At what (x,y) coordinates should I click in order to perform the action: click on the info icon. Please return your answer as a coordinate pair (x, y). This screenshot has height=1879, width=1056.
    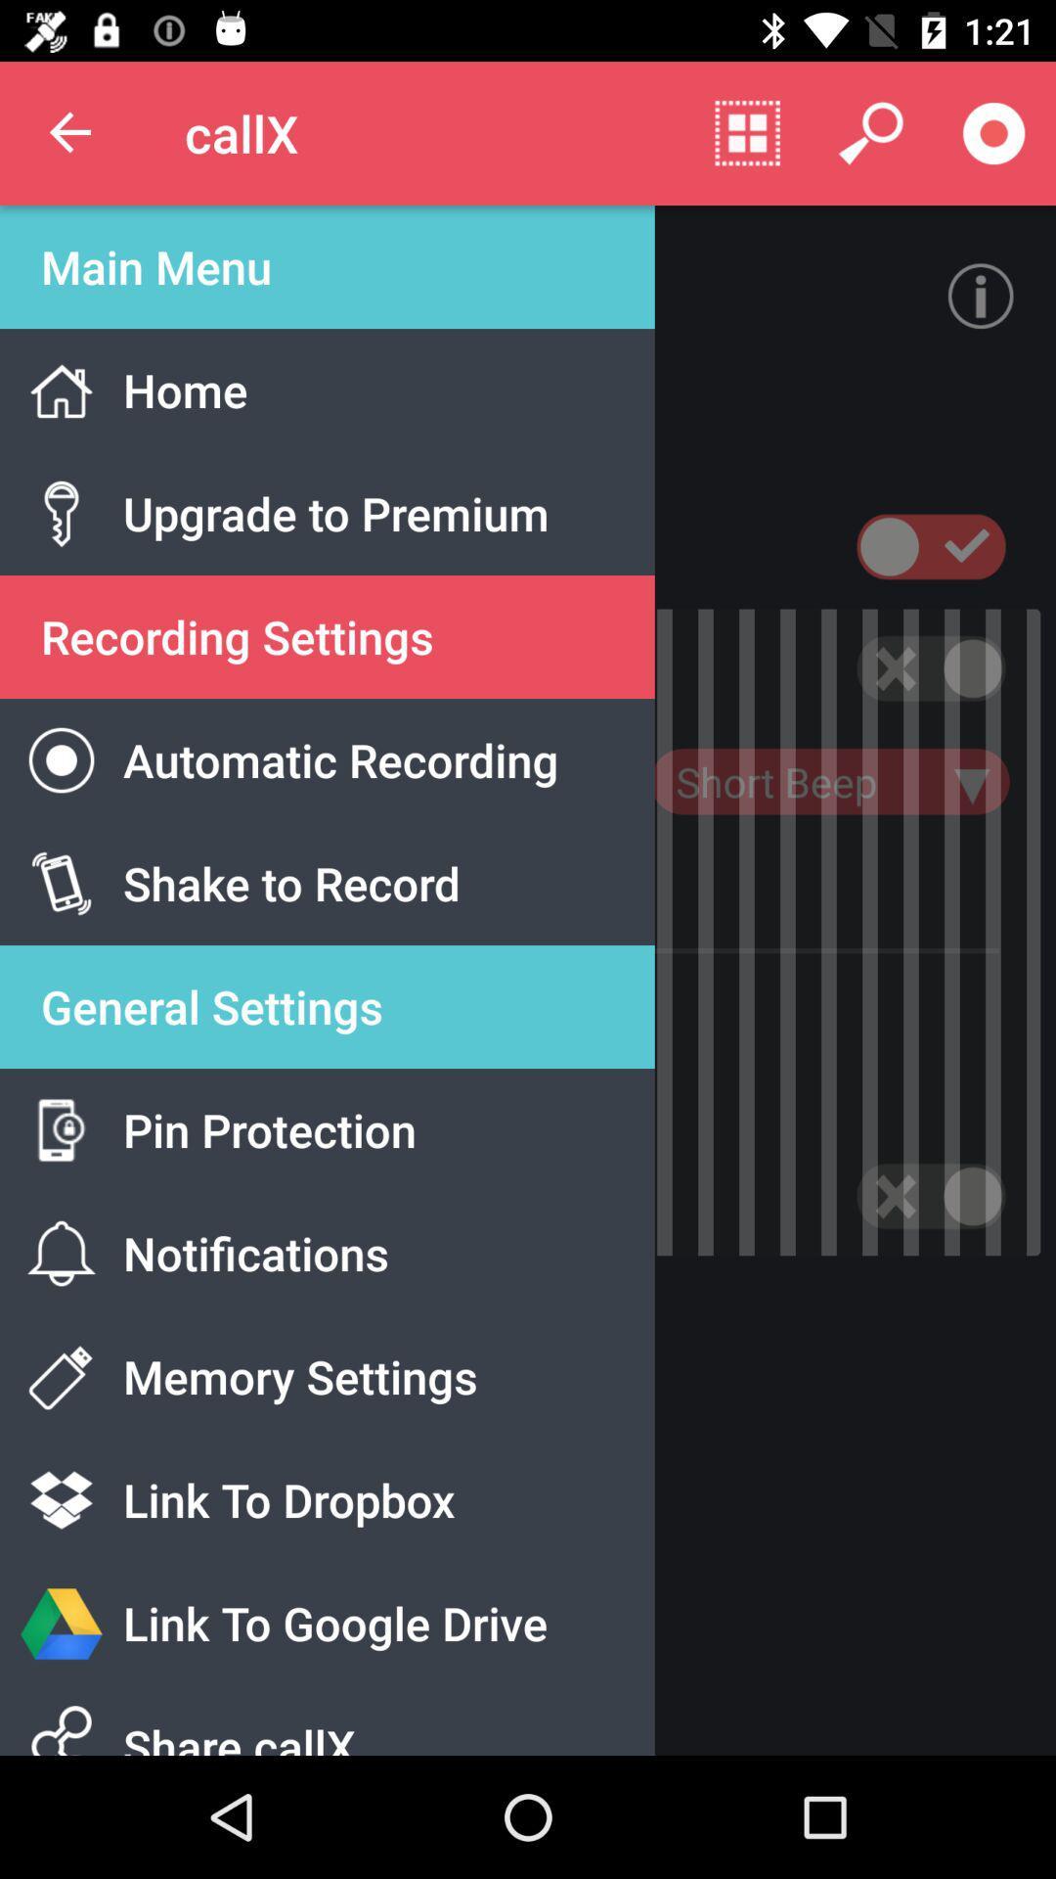
    Looking at the image, I should click on (964, 295).